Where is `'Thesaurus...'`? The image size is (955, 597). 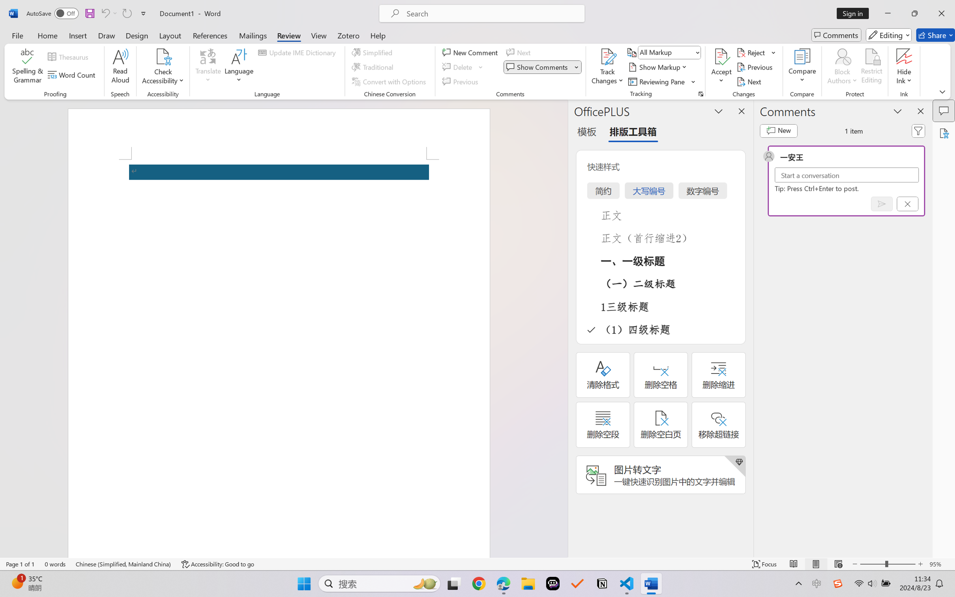 'Thesaurus...' is located at coordinates (69, 57).